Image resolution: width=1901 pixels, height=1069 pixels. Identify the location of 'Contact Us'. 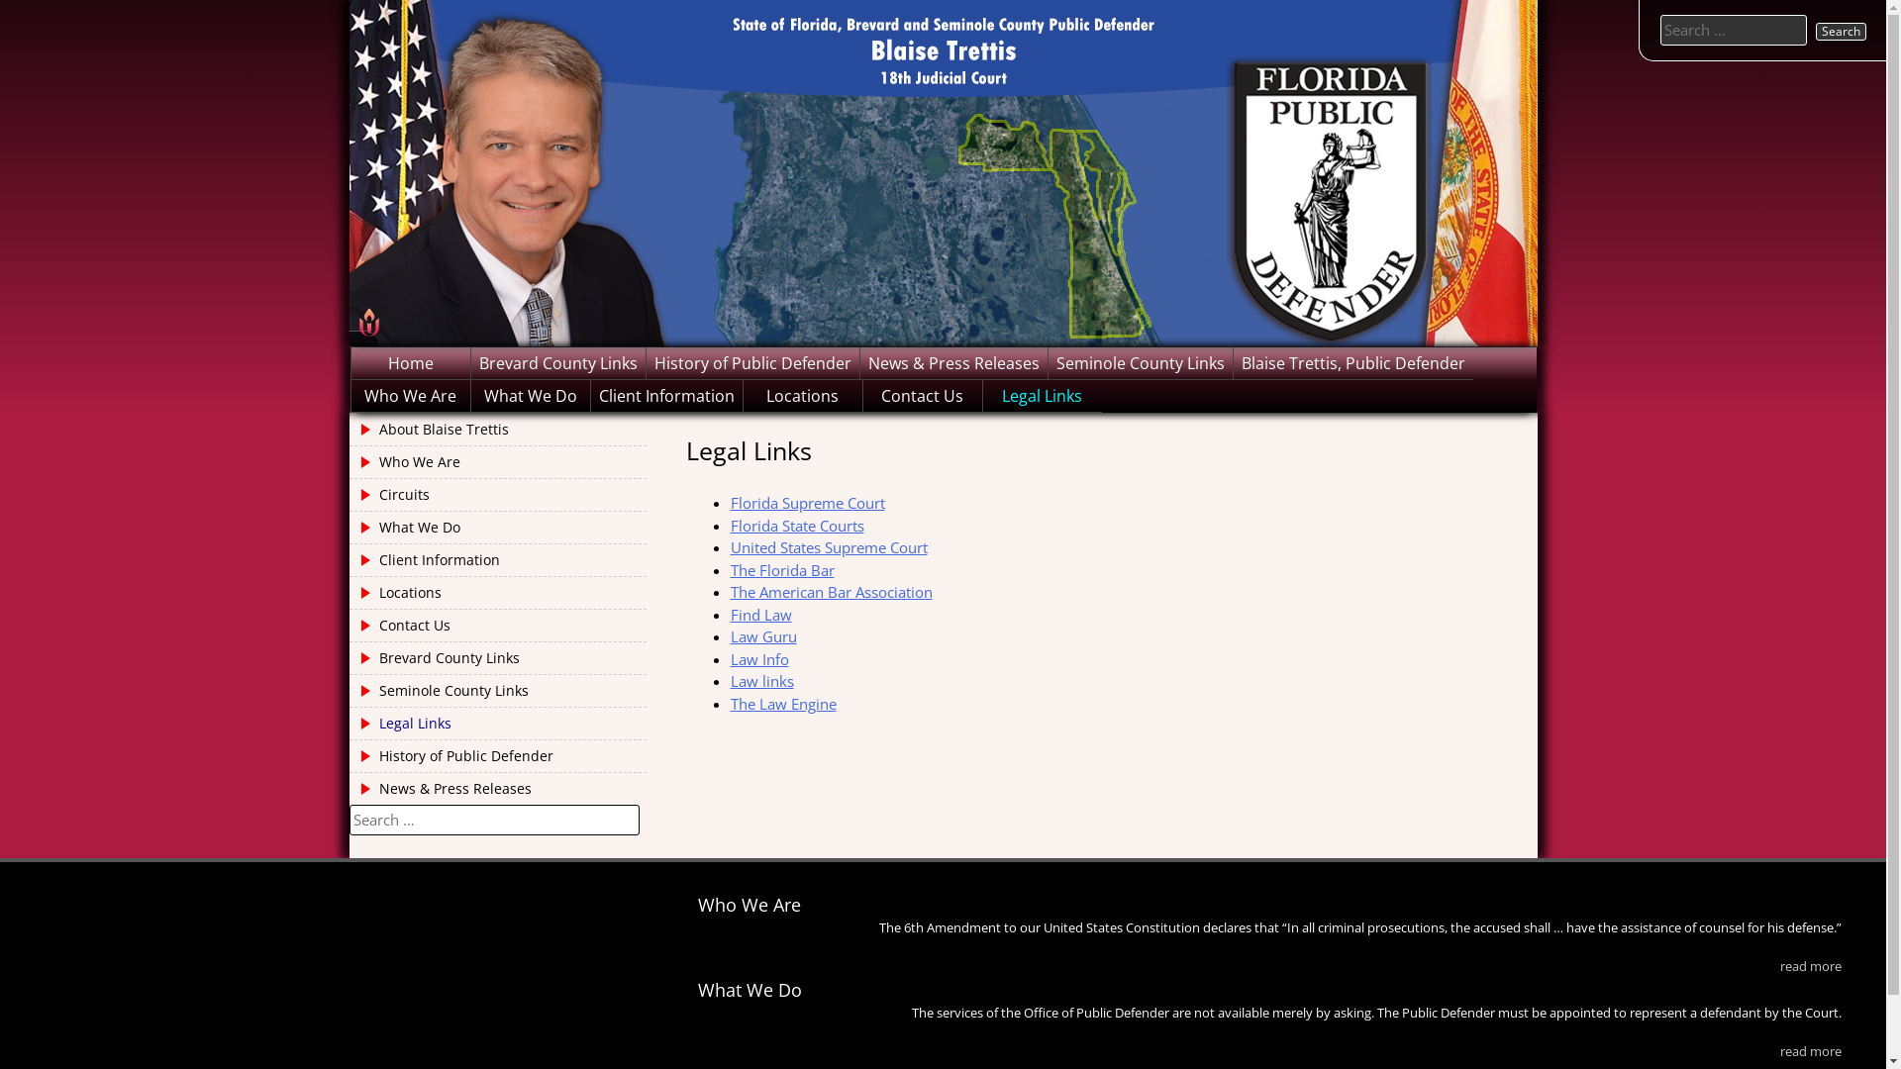
(921, 396).